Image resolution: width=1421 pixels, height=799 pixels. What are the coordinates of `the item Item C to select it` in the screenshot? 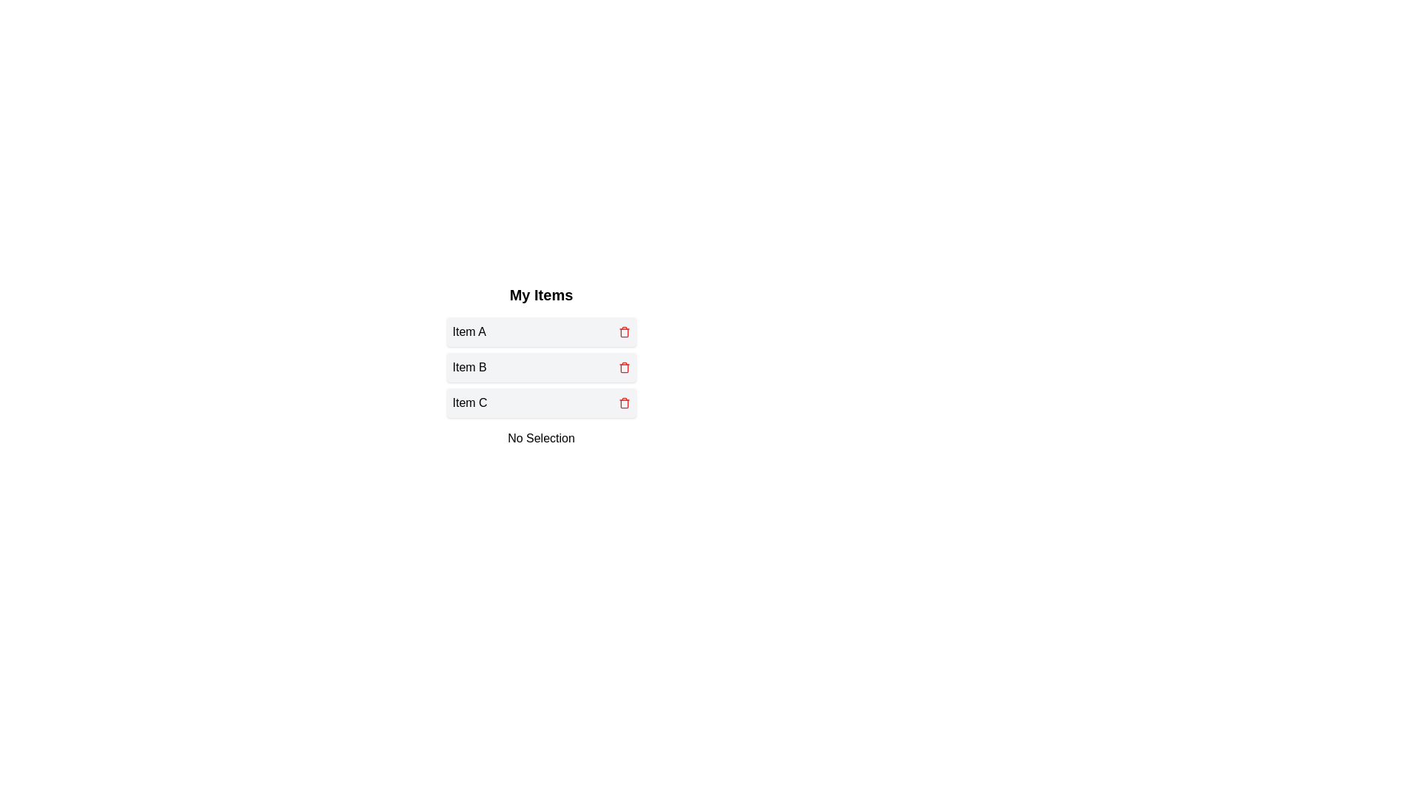 It's located at (540, 402).